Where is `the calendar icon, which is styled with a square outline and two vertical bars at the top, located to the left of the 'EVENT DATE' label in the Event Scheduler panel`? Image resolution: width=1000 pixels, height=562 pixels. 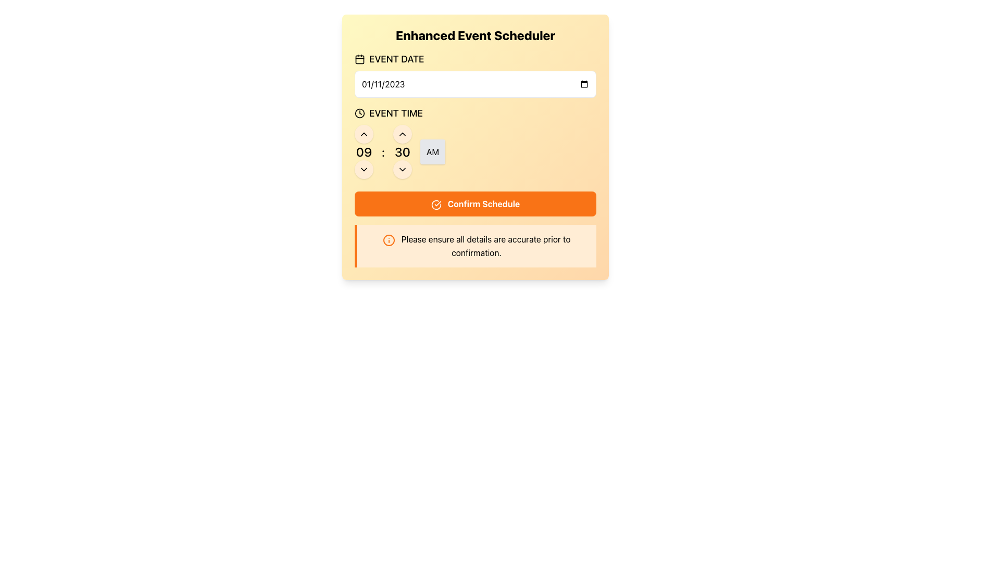
the calendar icon, which is styled with a square outline and two vertical bars at the top, located to the left of the 'EVENT DATE' label in the Event Scheduler panel is located at coordinates (360, 59).